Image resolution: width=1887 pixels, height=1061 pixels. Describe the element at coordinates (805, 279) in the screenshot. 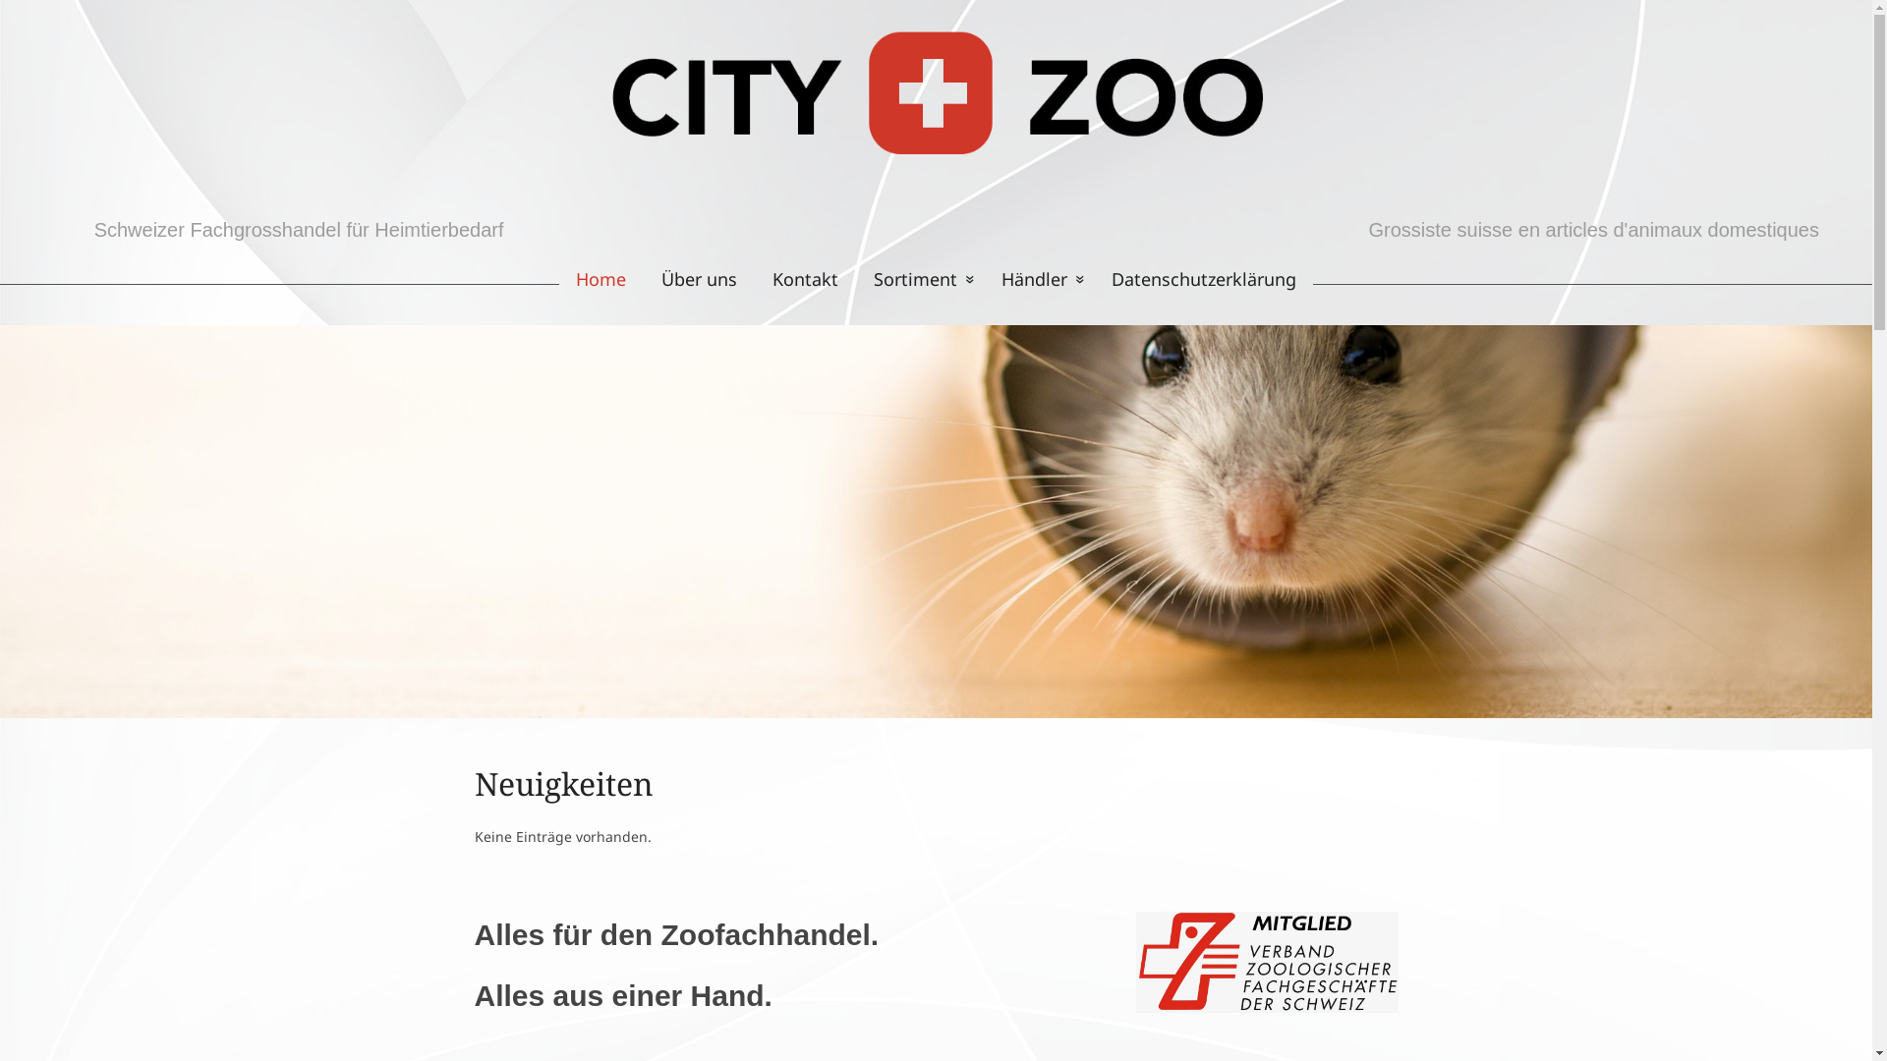

I see `'Kontakt'` at that location.